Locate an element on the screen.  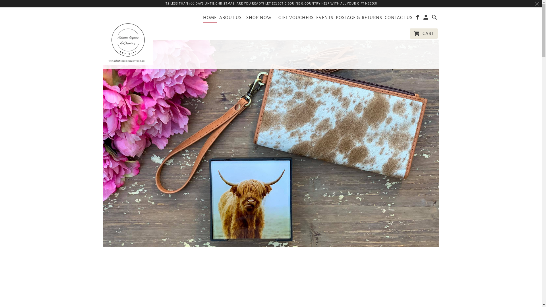
'Search' is located at coordinates (435, 18).